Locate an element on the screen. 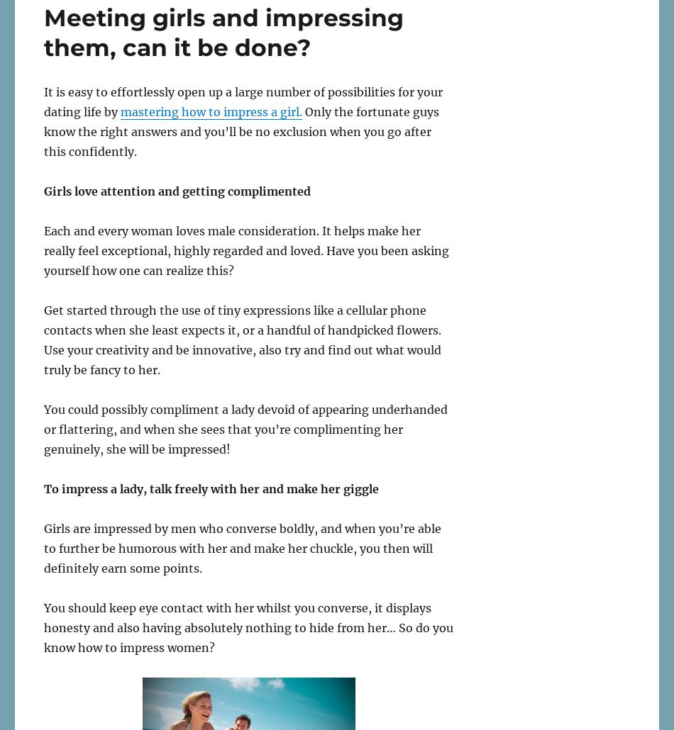 This screenshot has height=730, width=674. 'Girls love attention and getting complimented' is located at coordinates (177, 190).